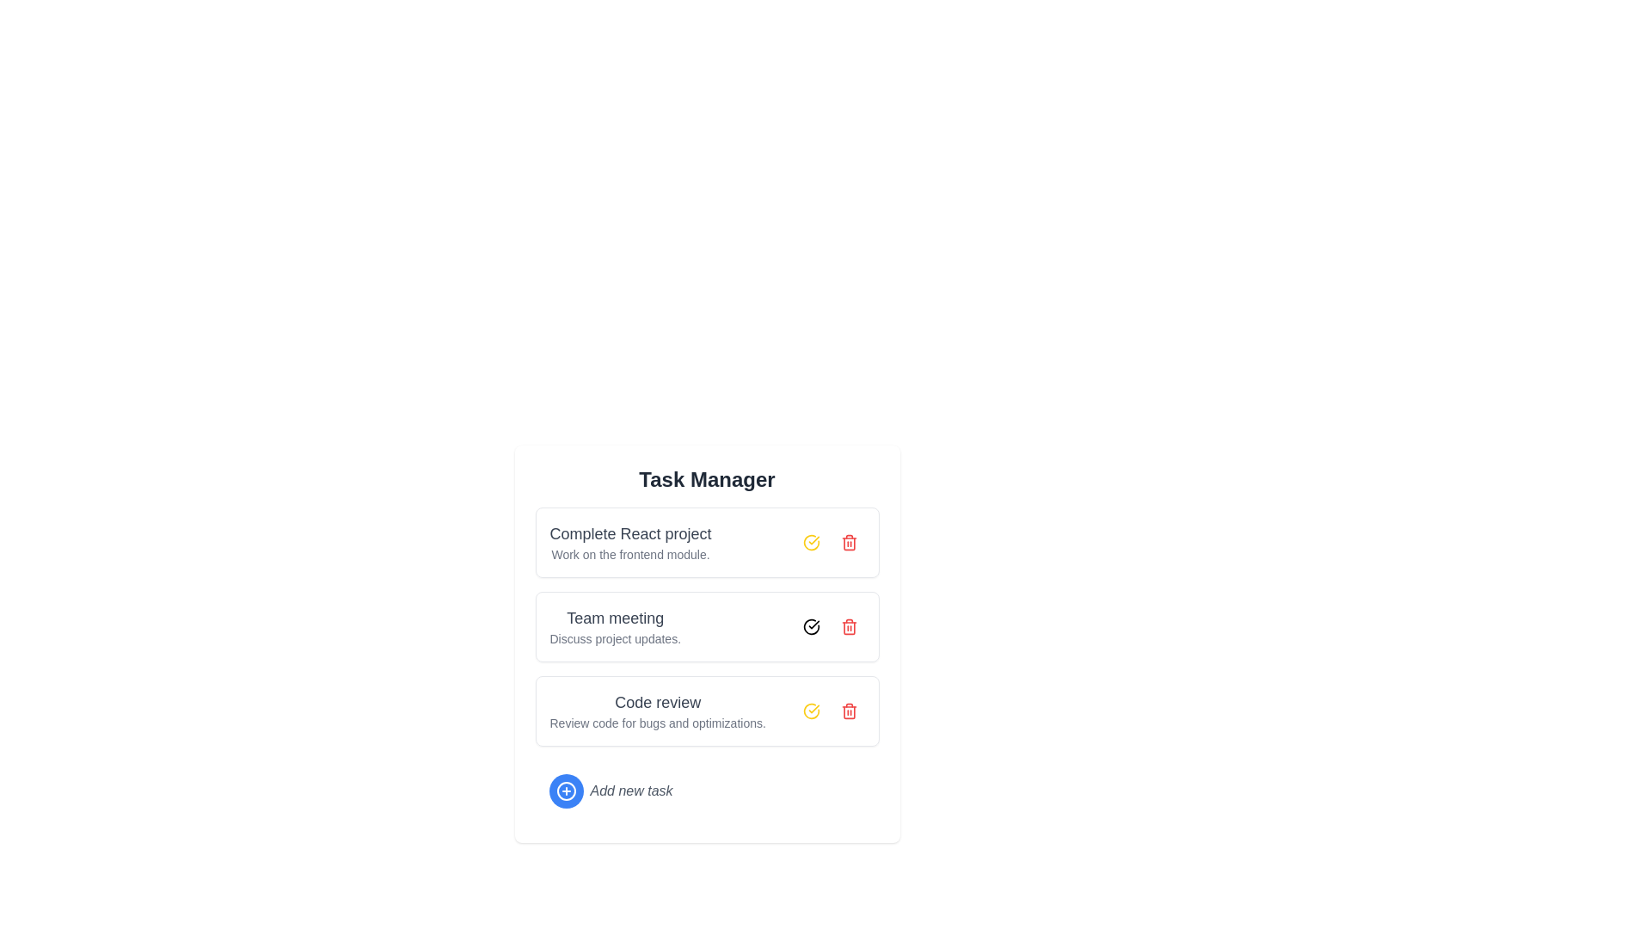  What do you see at coordinates (707, 791) in the screenshot?
I see `the Interactive button that allows users to initiate the addition of a new task entry, located below the 'Code review' task item in the task list` at bounding box center [707, 791].